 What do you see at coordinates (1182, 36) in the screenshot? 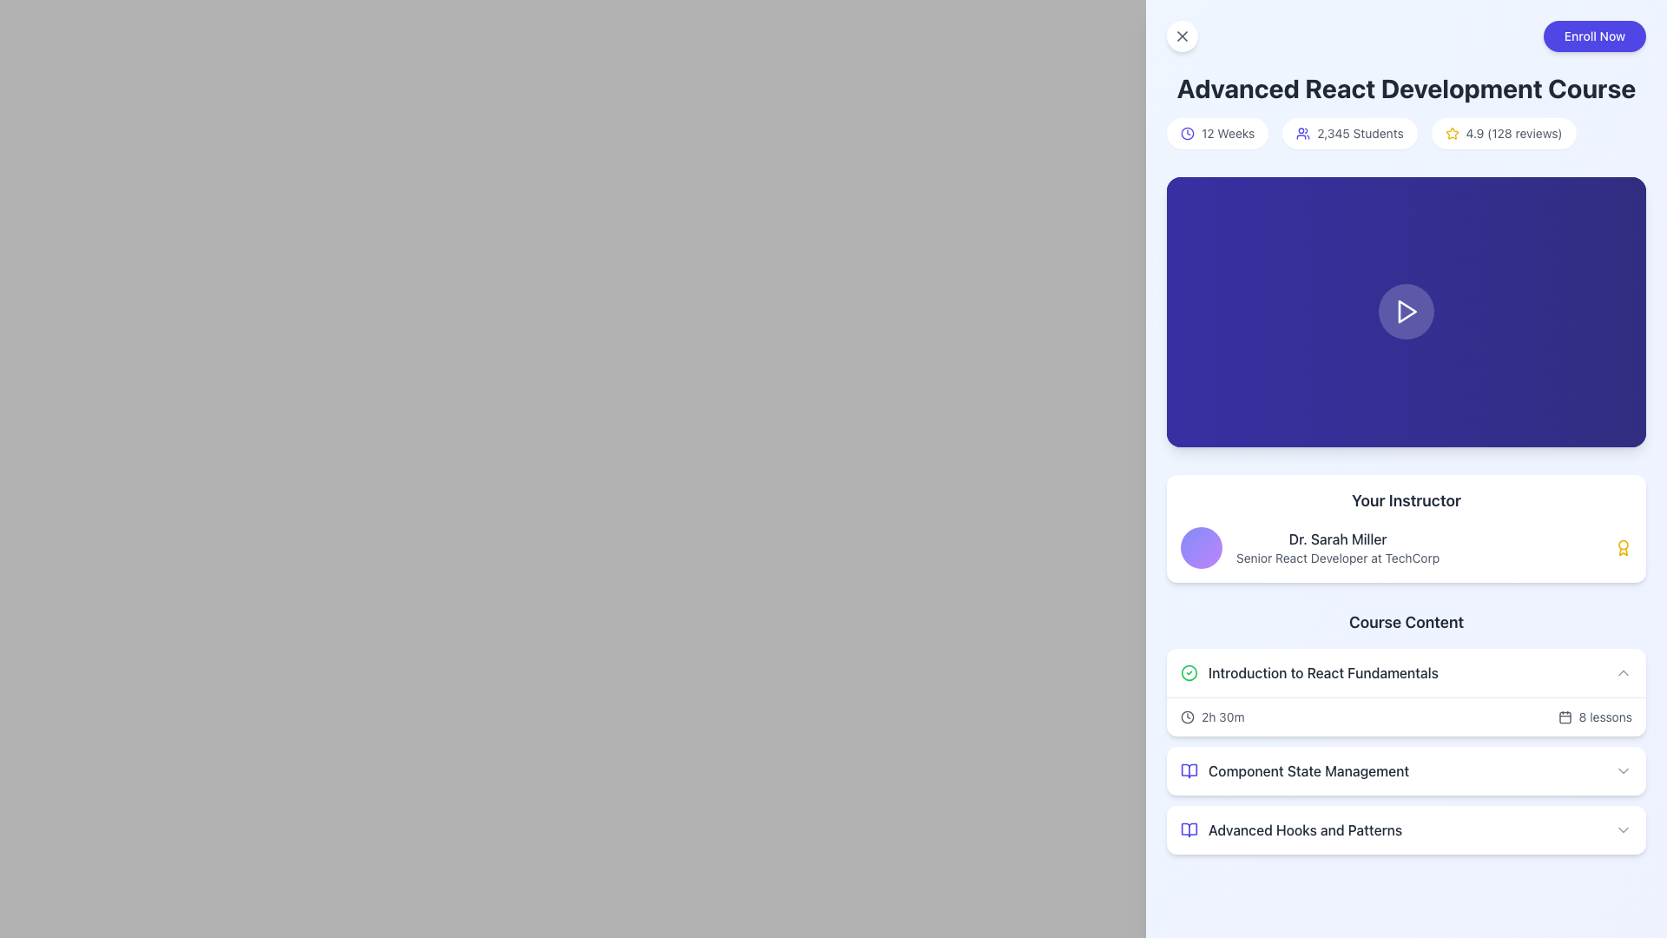
I see `the close button located at the top-left corner of the interface` at bounding box center [1182, 36].